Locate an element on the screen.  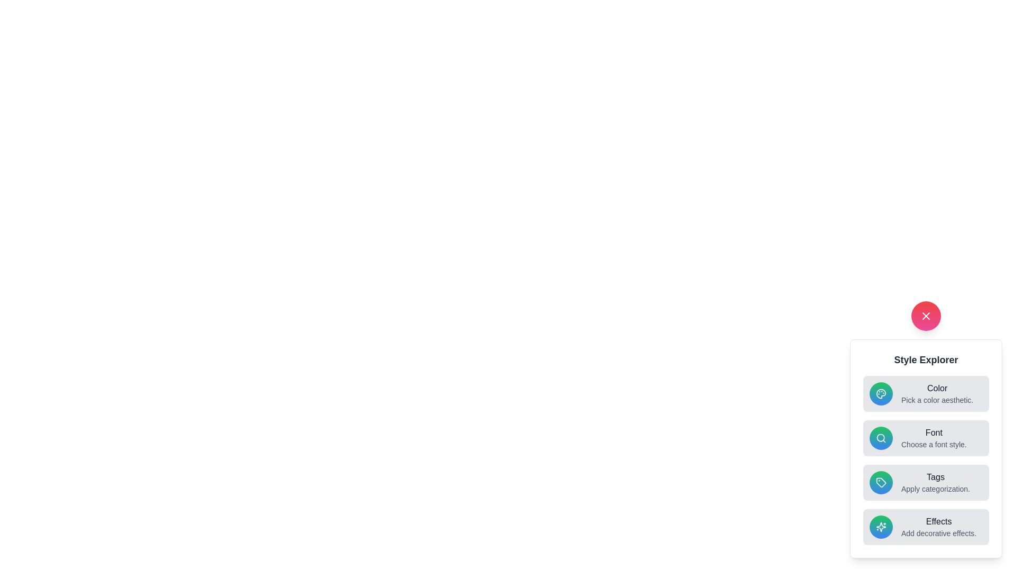
the style option labeled Color to view its hover effect is located at coordinates (926, 393).